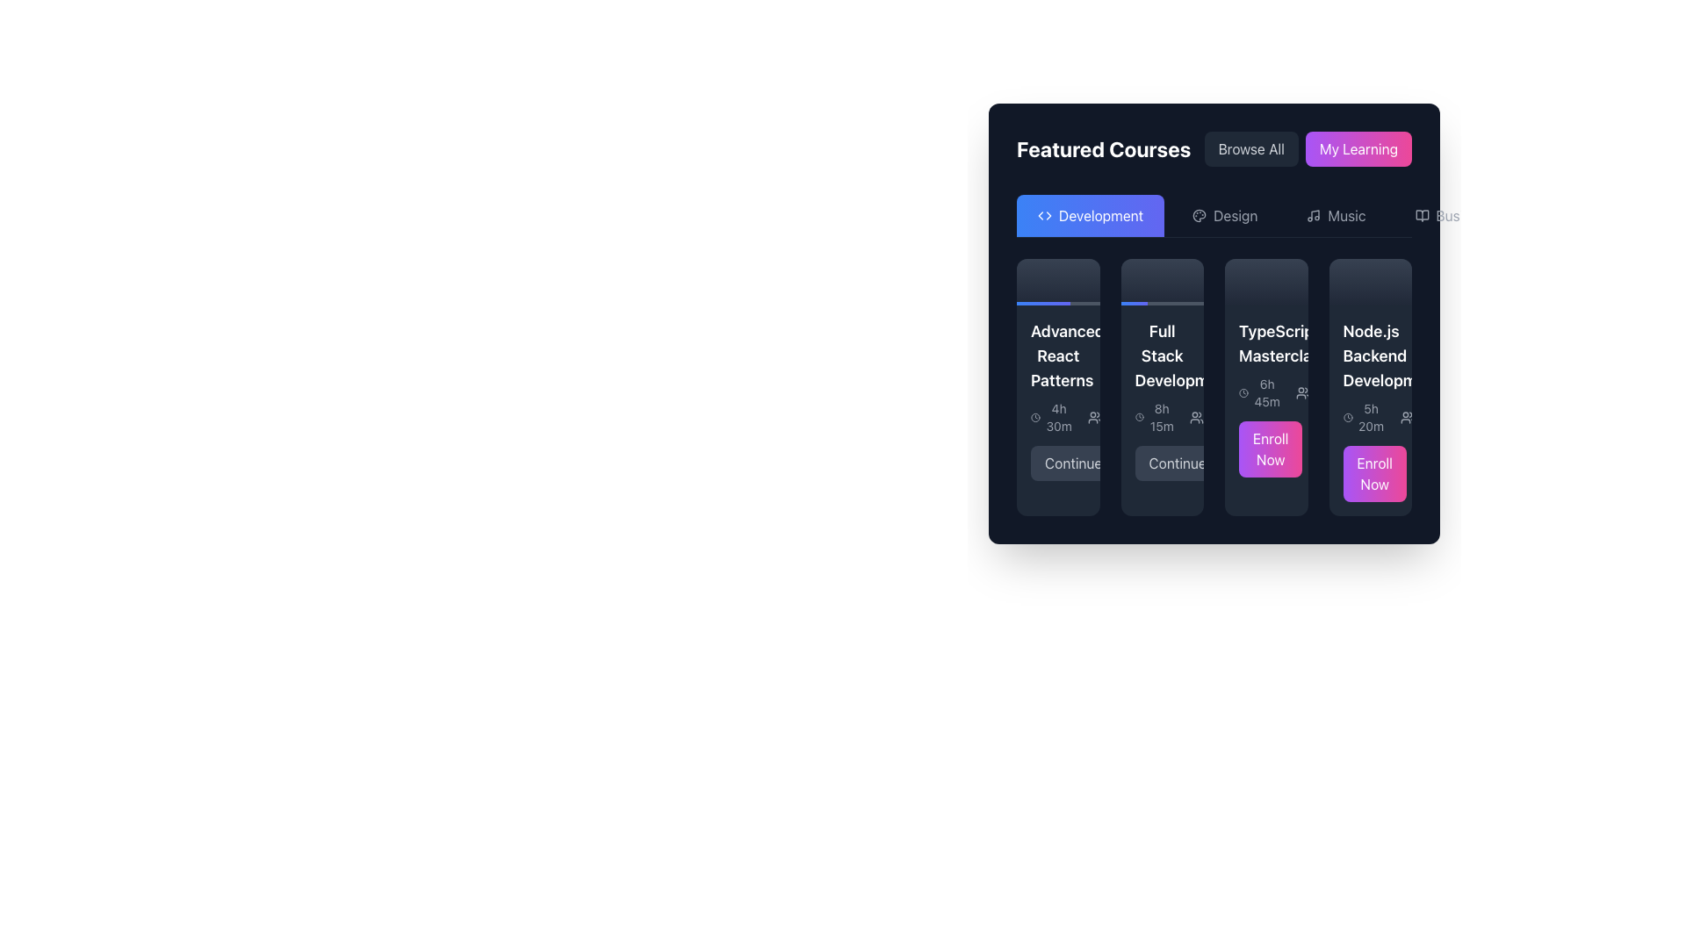 The height and width of the screenshot is (948, 1686). What do you see at coordinates (1052, 418) in the screenshot?
I see `the text element indicating the duration of the course located in the lower left quadrant of the 'Advanced React Patterns' card in the 'Development' tab of the 'Featured Courses' section` at bounding box center [1052, 418].